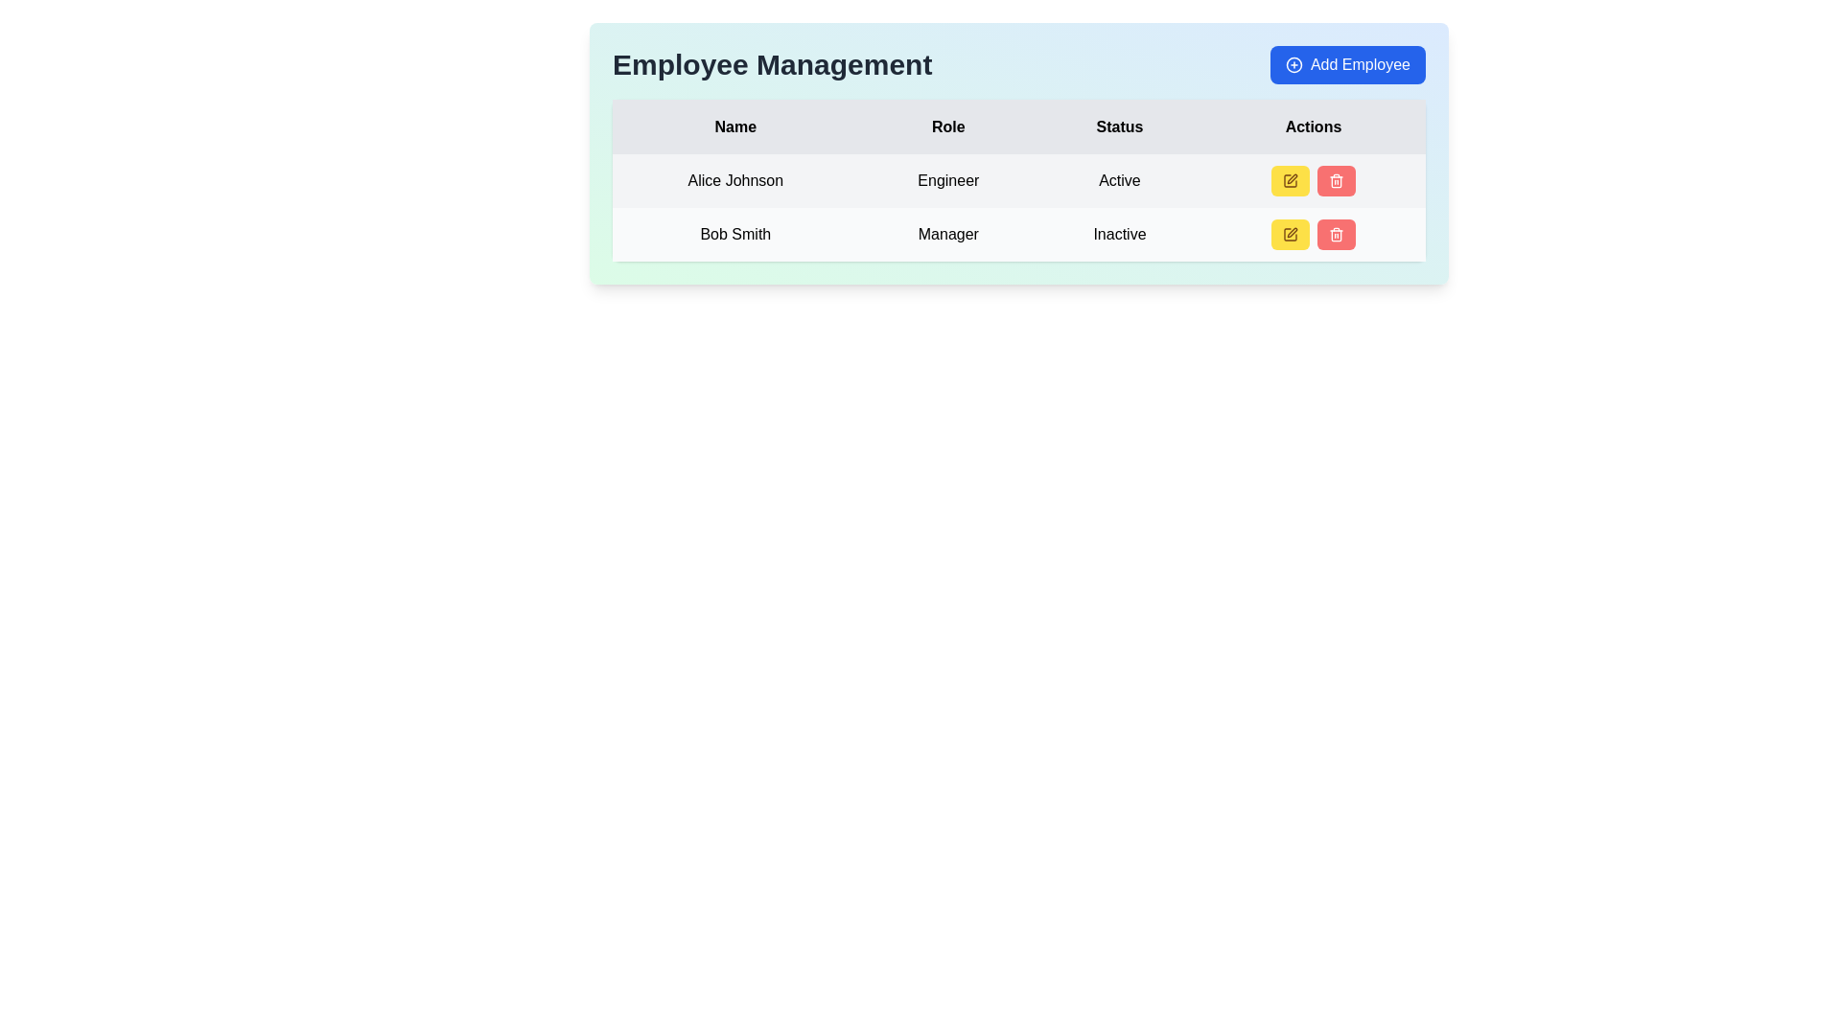 Image resolution: width=1841 pixels, height=1035 pixels. I want to click on the second row of the employee management table, so click(1017, 234).